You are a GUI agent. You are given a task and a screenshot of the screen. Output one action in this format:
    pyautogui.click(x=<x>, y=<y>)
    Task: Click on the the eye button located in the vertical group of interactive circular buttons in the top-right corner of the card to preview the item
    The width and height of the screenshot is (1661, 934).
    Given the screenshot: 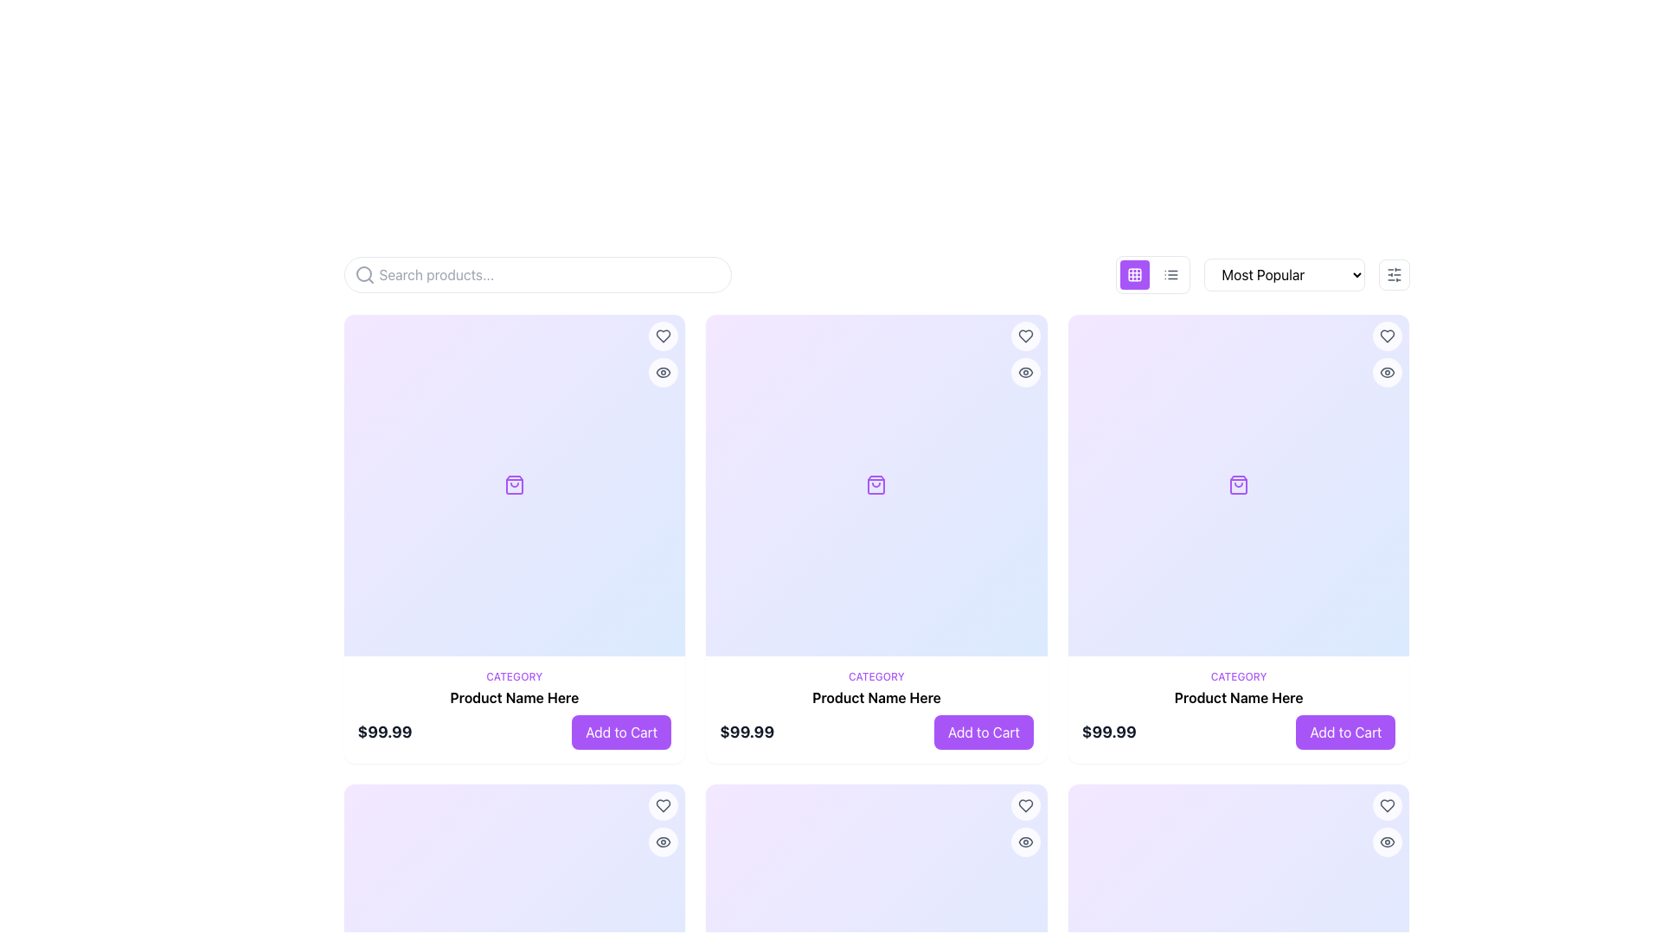 What is the action you would take?
    pyautogui.click(x=1388, y=353)
    